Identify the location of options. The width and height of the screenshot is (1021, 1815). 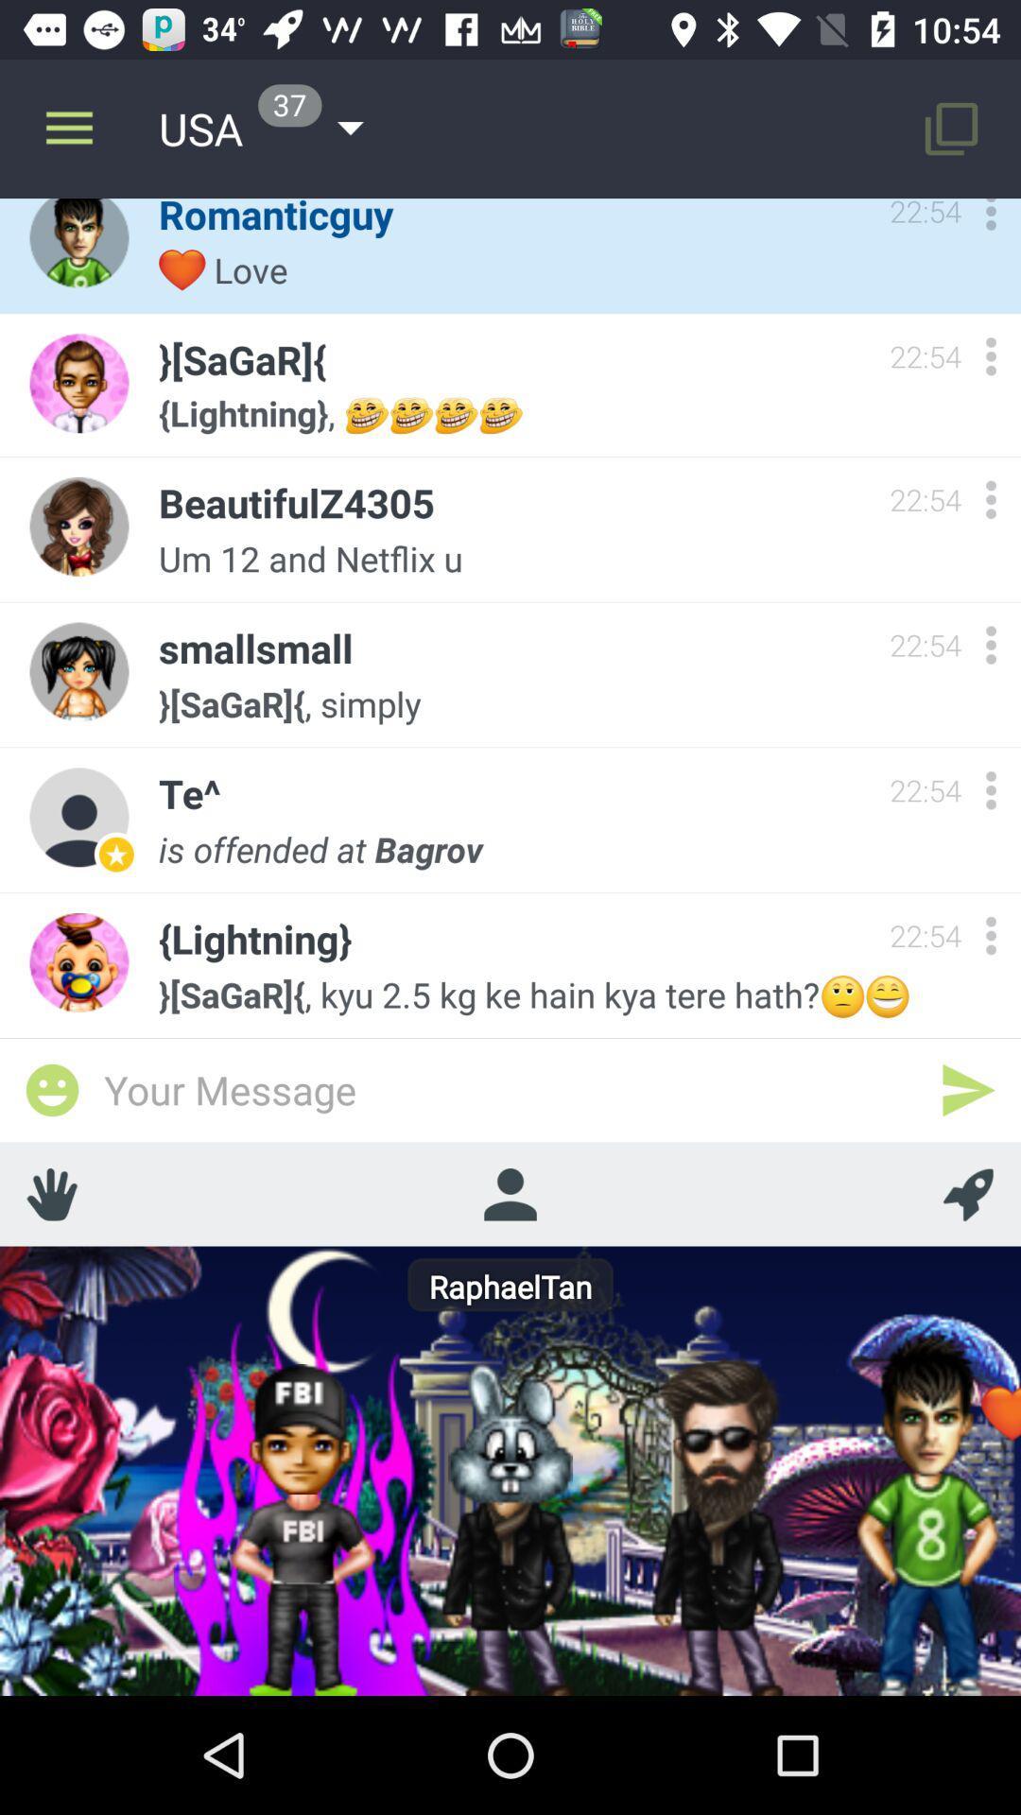
(990, 499).